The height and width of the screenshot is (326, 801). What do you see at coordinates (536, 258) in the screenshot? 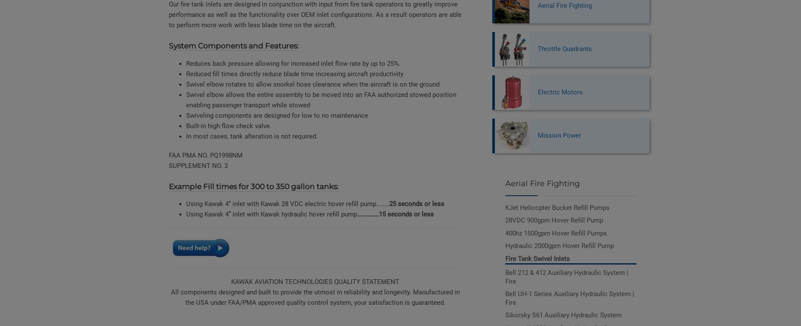
I see `'Fire Tank Swivel Inlets'` at bounding box center [536, 258].